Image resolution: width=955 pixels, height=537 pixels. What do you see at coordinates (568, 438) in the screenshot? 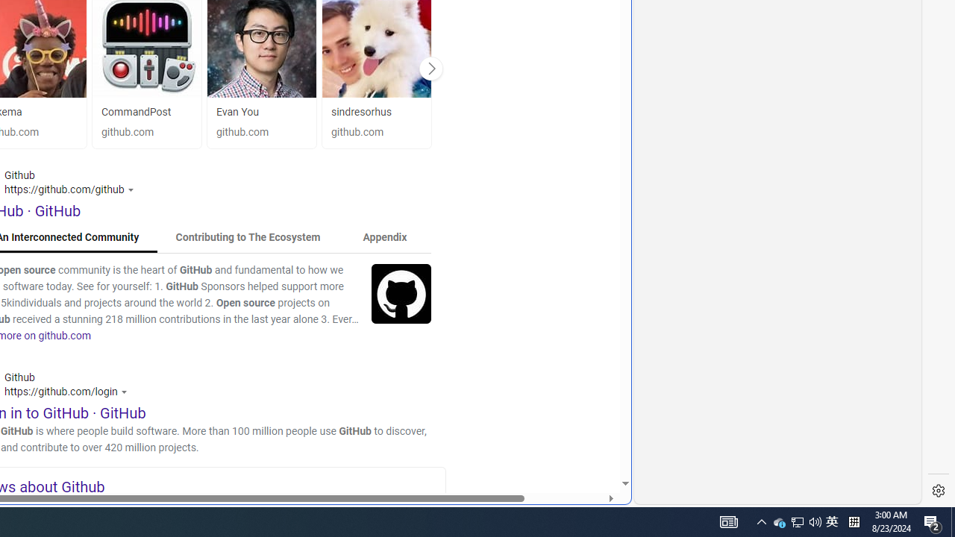
I see `'AutomationID: mfa_root'` at bounding box center [568, 438].